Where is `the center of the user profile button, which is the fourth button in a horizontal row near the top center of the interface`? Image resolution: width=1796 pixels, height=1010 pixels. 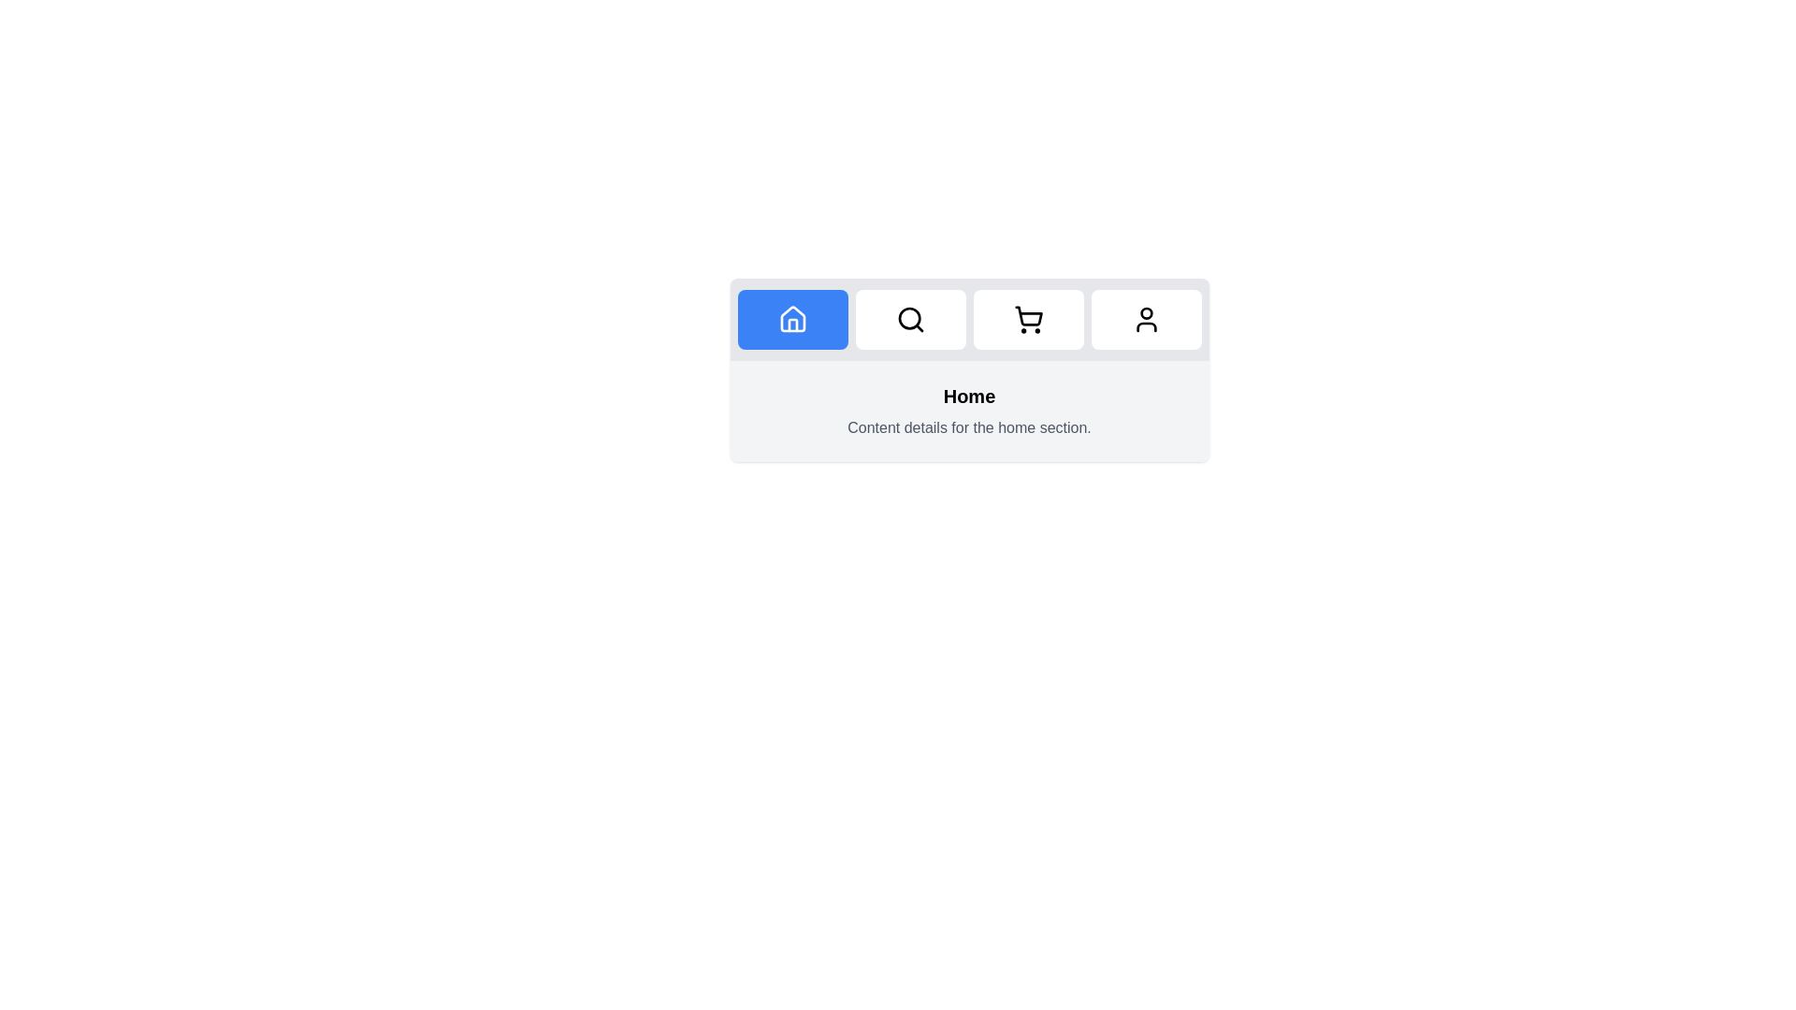 the center of the user profile button, which is the fourth button in a horizontal row near the top center of the interface is located at coordinates (1145, 319).